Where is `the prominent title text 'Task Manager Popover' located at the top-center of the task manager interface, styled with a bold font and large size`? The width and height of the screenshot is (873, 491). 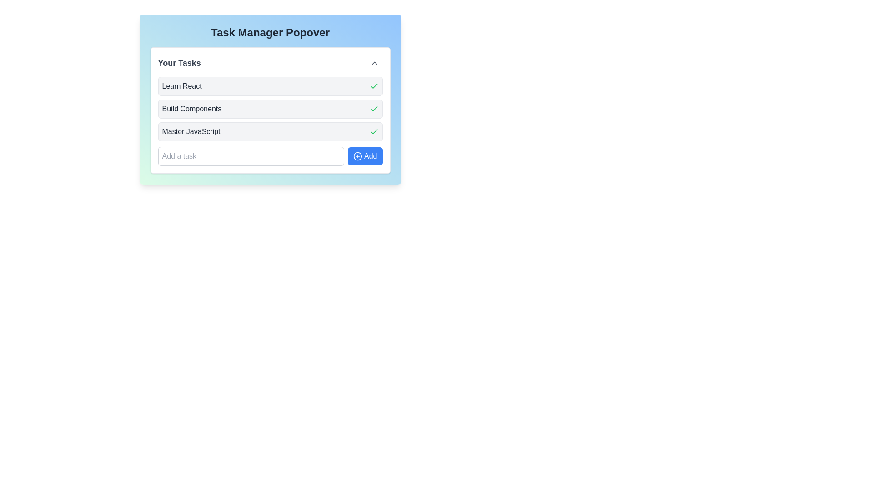 the prominent title text 'Task Manager Popover' located at the top-center of the task manager interface, styled with a bold font and large size is located at coordinates (270, 32).